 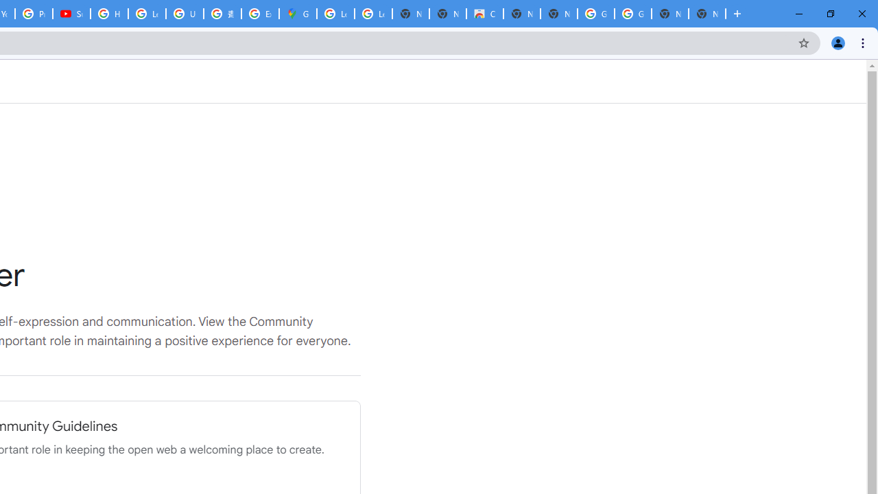 I want to click on 'Google Images', so click(x=596, y=14).